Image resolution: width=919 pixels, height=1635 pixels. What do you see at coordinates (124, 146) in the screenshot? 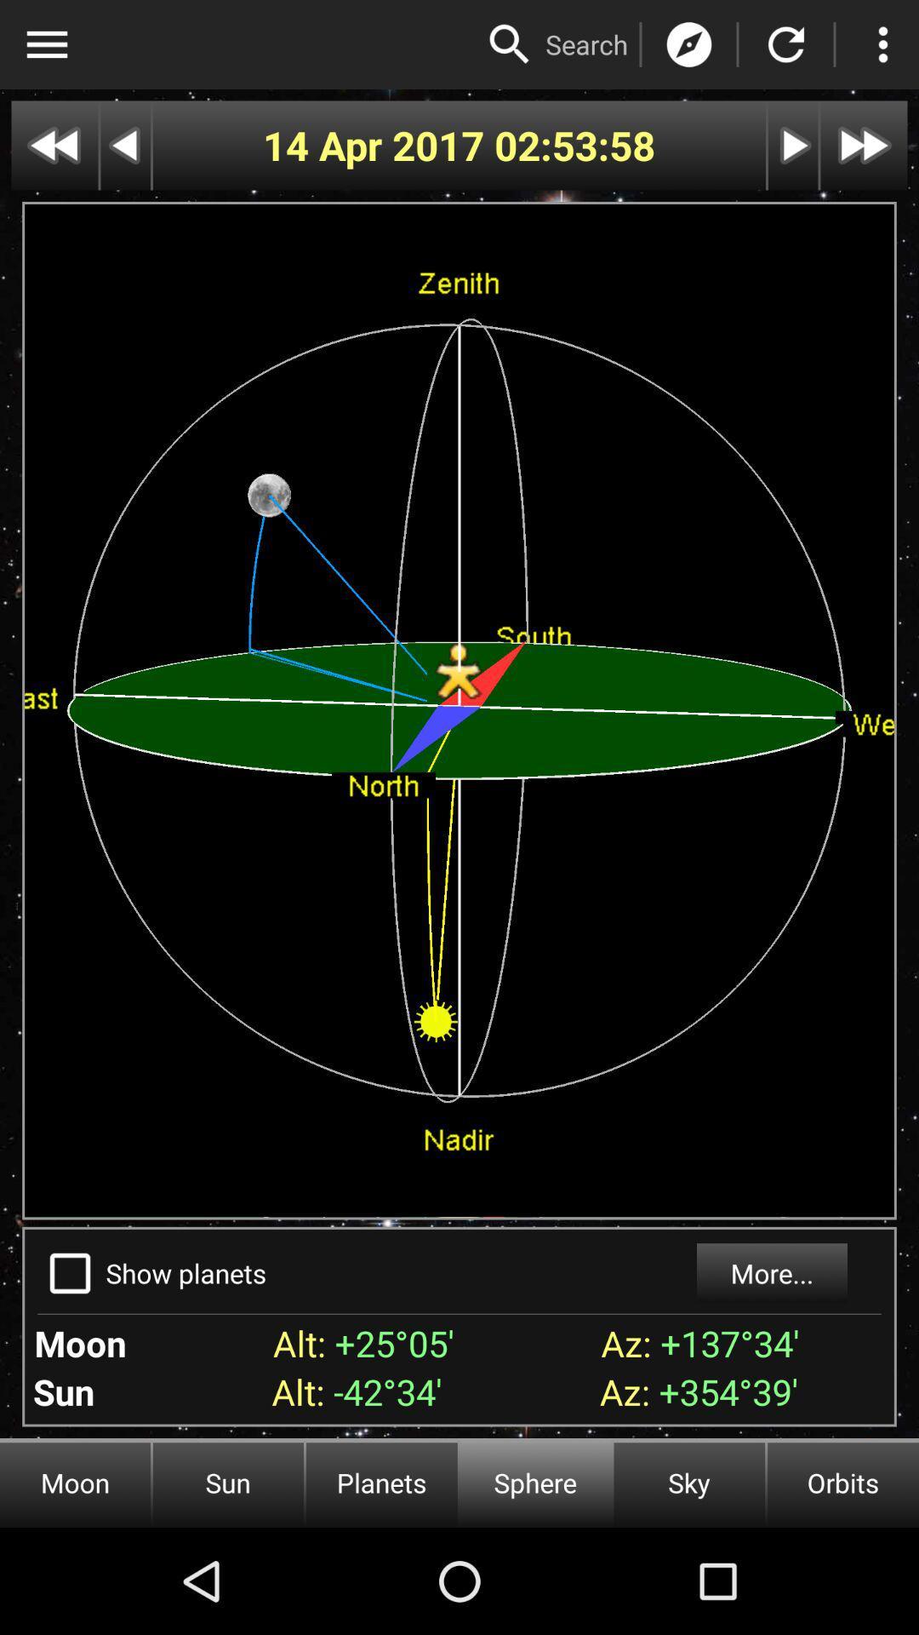
I see `previous` at bounding box center [124, 146].